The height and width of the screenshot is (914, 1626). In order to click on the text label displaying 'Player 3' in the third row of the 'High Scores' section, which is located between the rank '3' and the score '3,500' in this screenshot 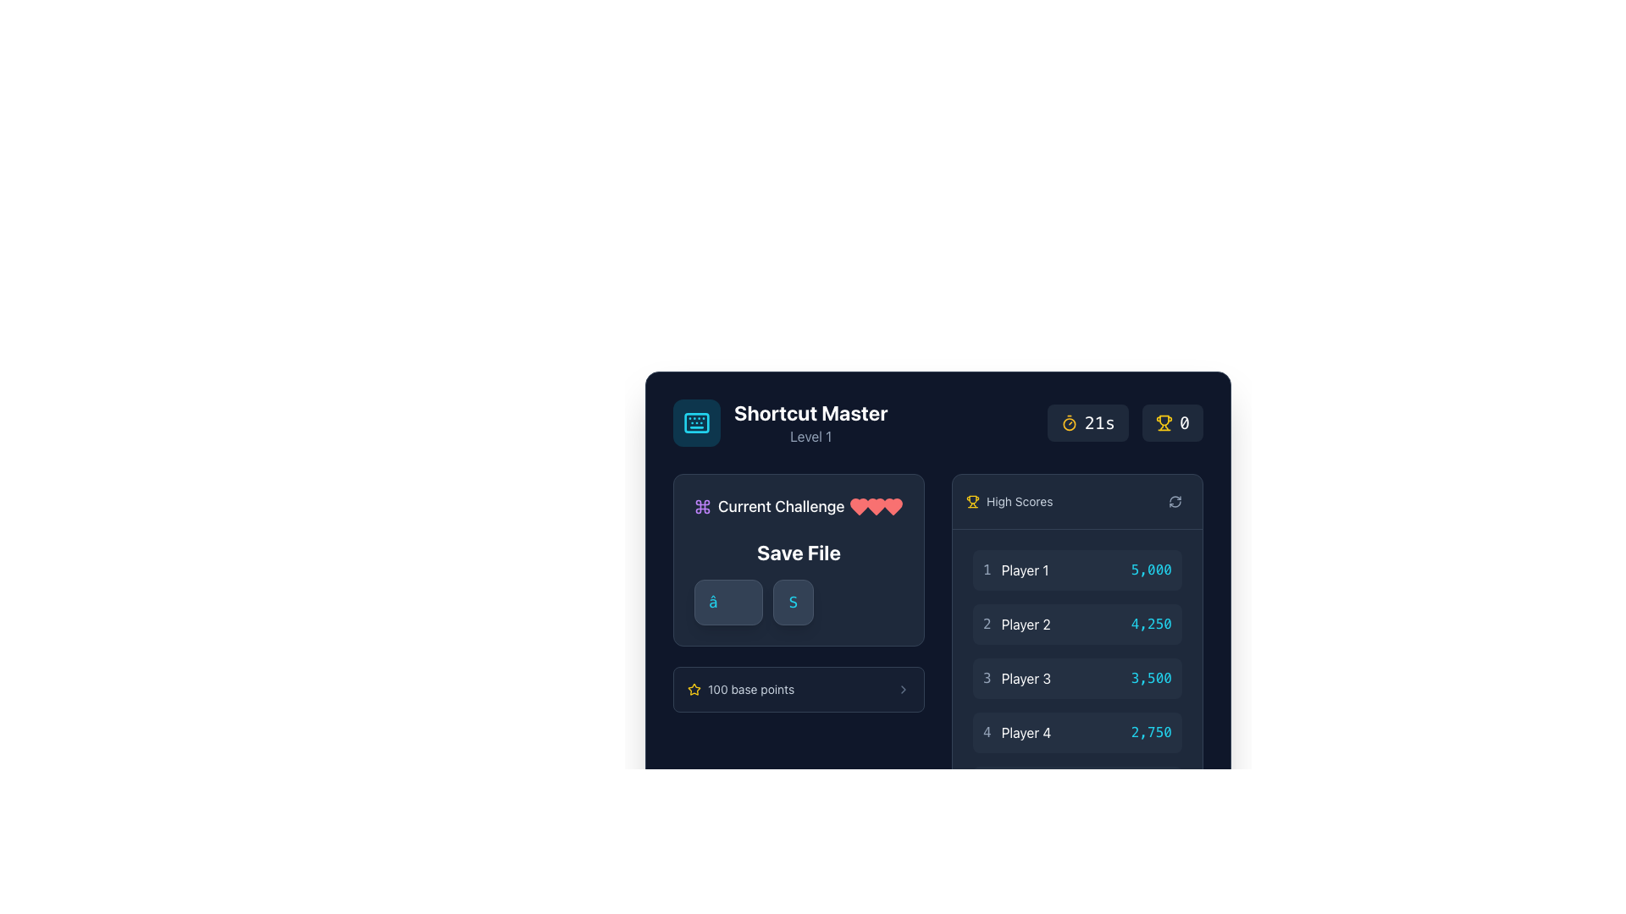, I will do `click(1016, 678)`.